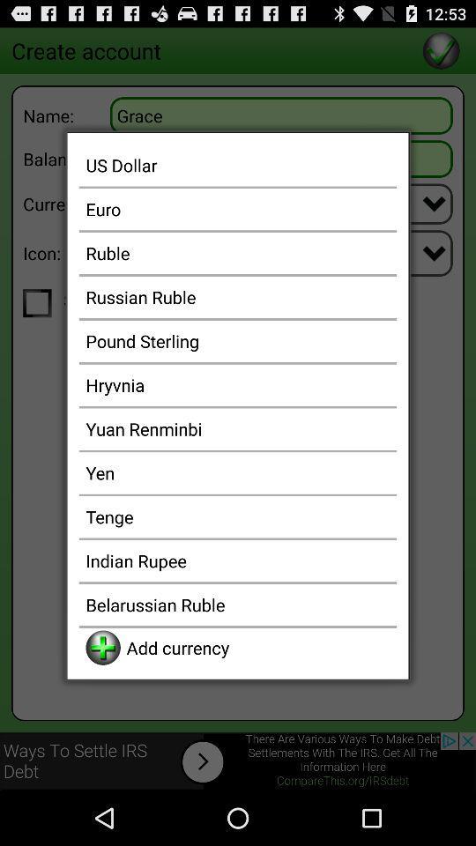 The height and width of the screenshot is (846, 476). What do you see at coordinates (257, 647) in the screenshot?
I see `the add currency app` at bounding box center [257, 647].